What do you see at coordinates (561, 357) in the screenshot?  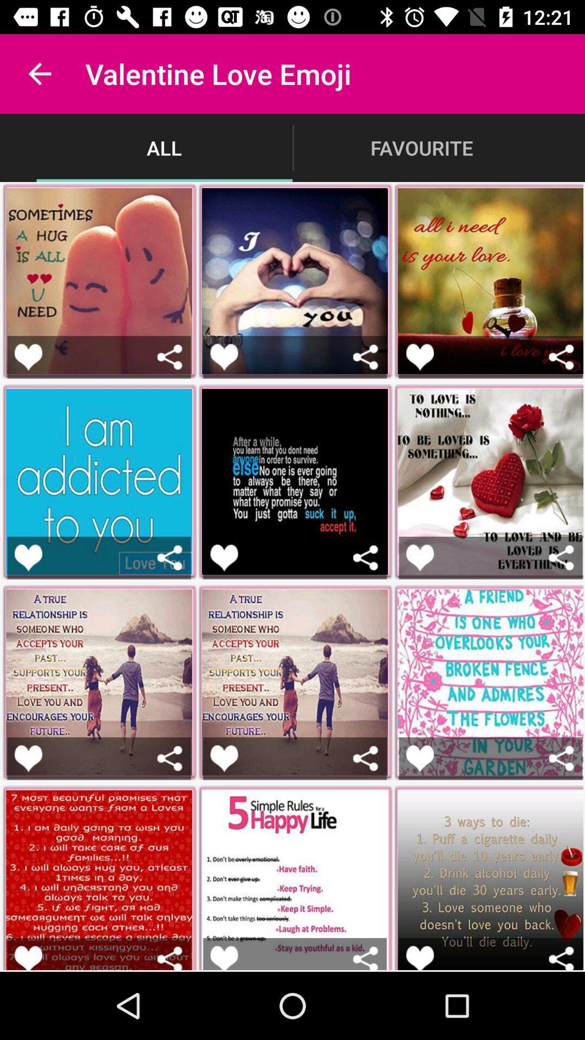 I see `share image` at bounding box center [561, 357].